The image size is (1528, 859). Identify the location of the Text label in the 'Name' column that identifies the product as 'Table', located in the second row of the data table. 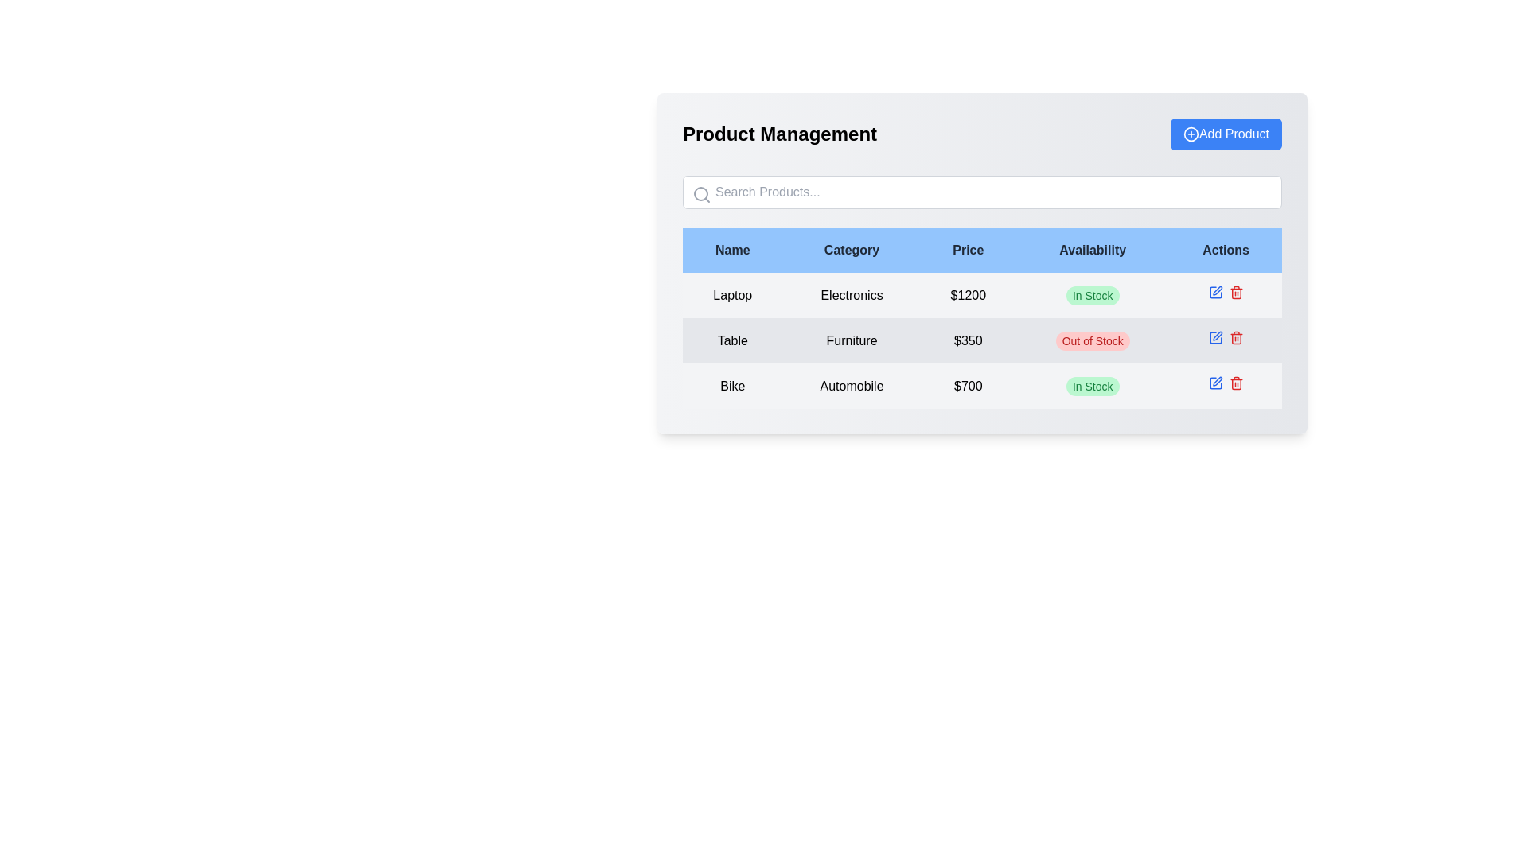
(731, 340).